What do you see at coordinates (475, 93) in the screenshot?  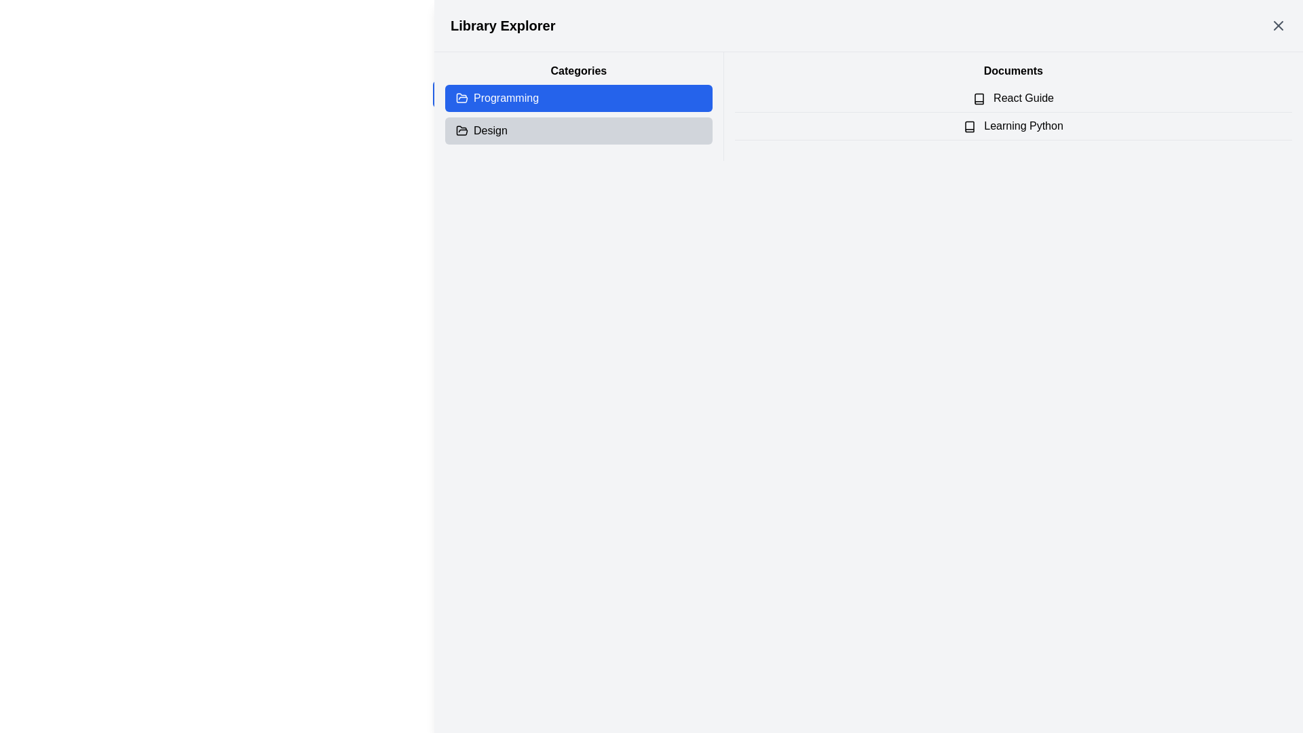 I see `the blue button labeled 'Close Library'` at bounding box center [475, 93].